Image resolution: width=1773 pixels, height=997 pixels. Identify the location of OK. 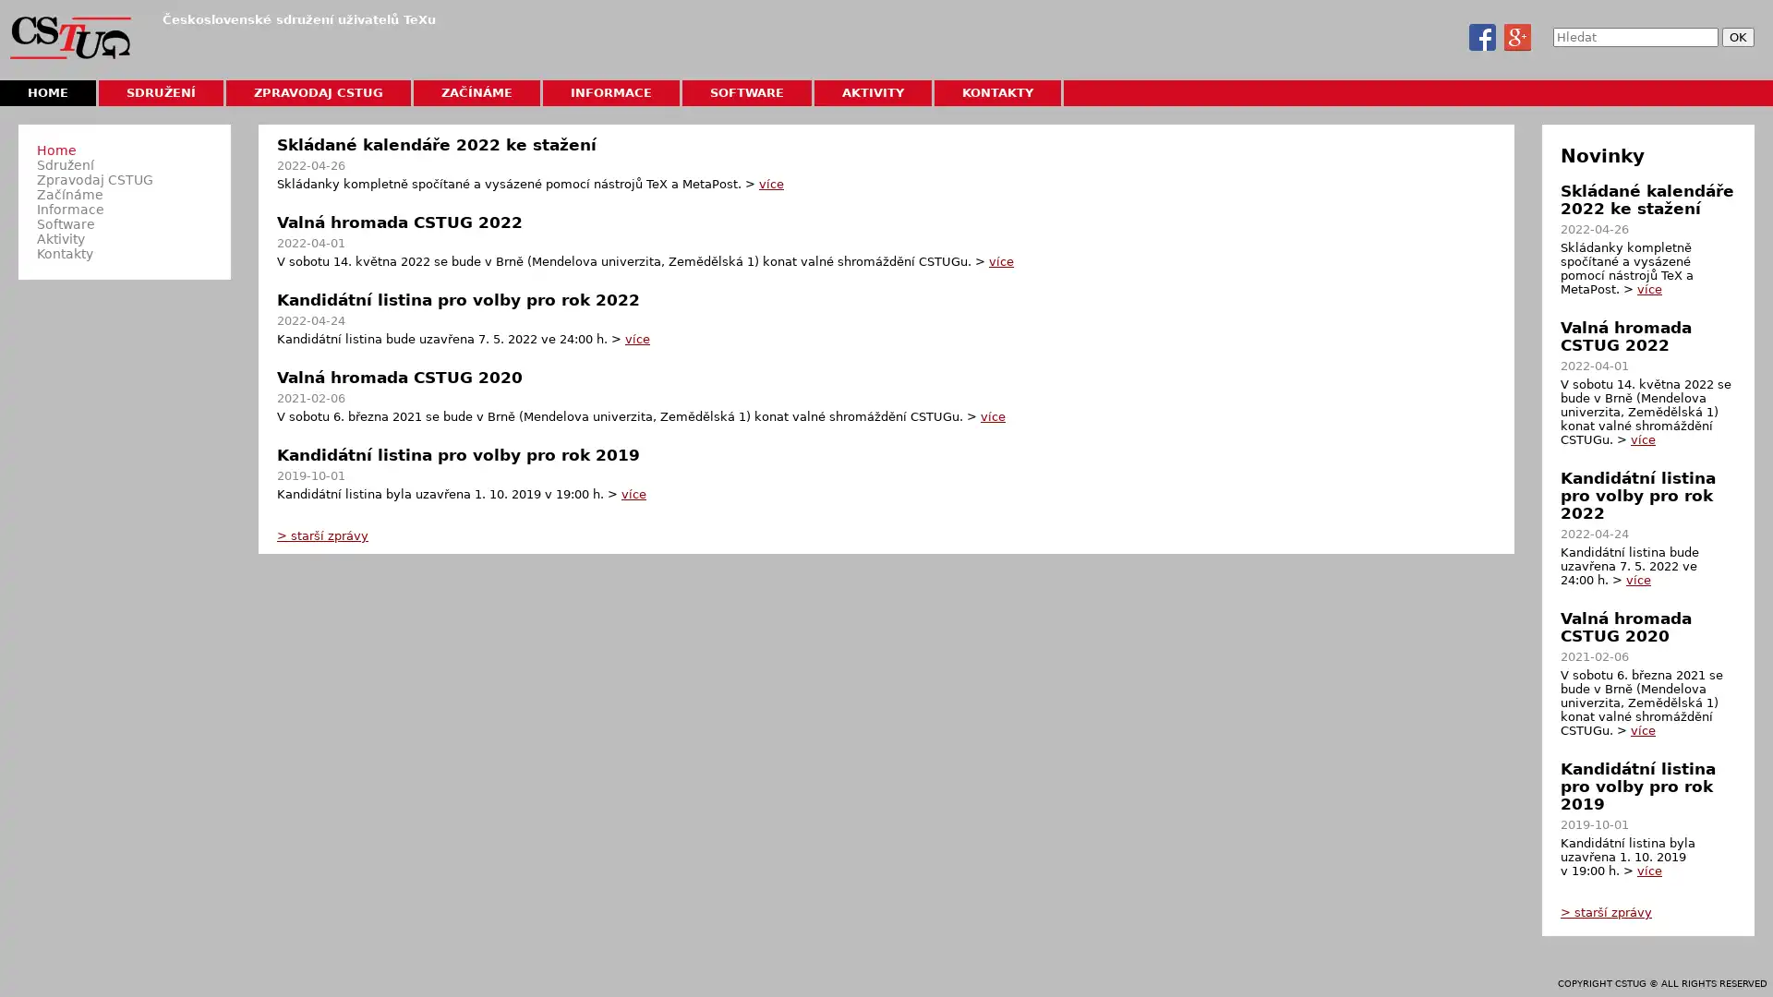
(1737, 37).